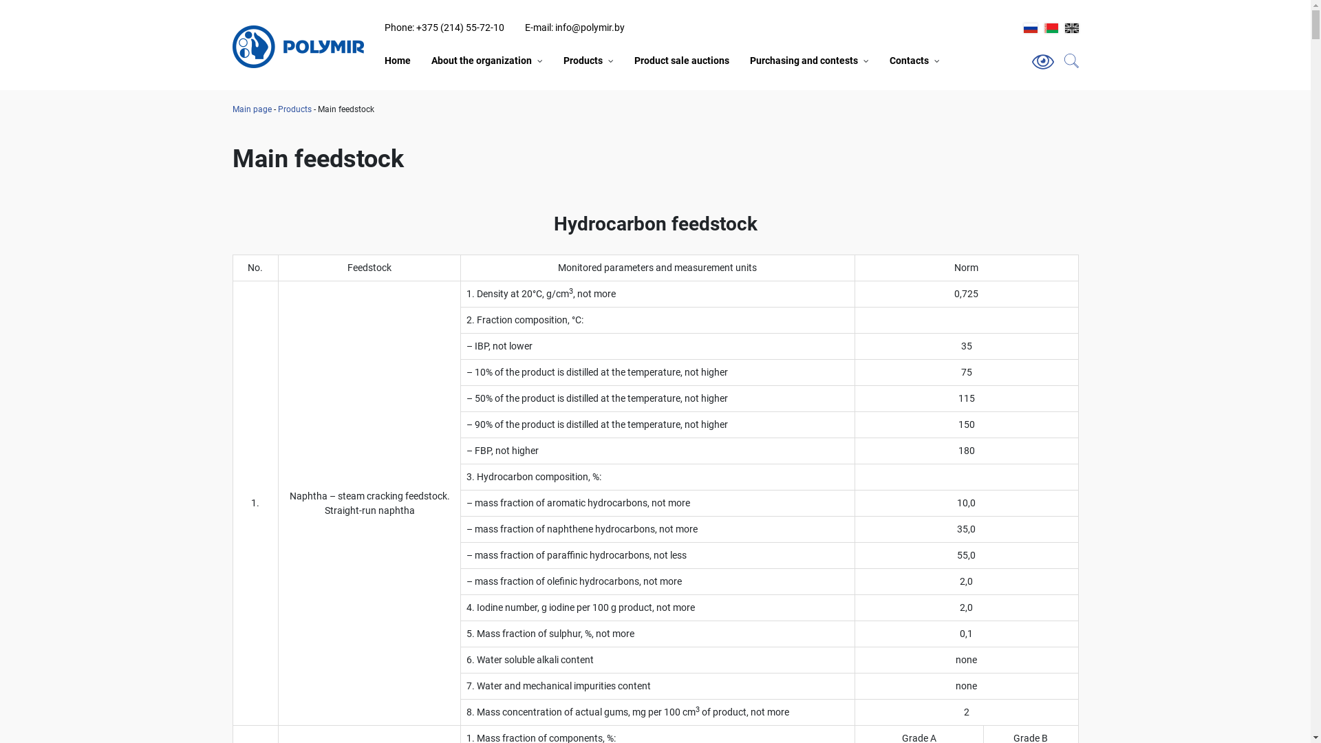 Image resolution: width=1321 pixels, height=743 pixels. What do you see at coordinates (478, 80) in the screenshot?
I see `'General information'` at bounding box center [478, 80].